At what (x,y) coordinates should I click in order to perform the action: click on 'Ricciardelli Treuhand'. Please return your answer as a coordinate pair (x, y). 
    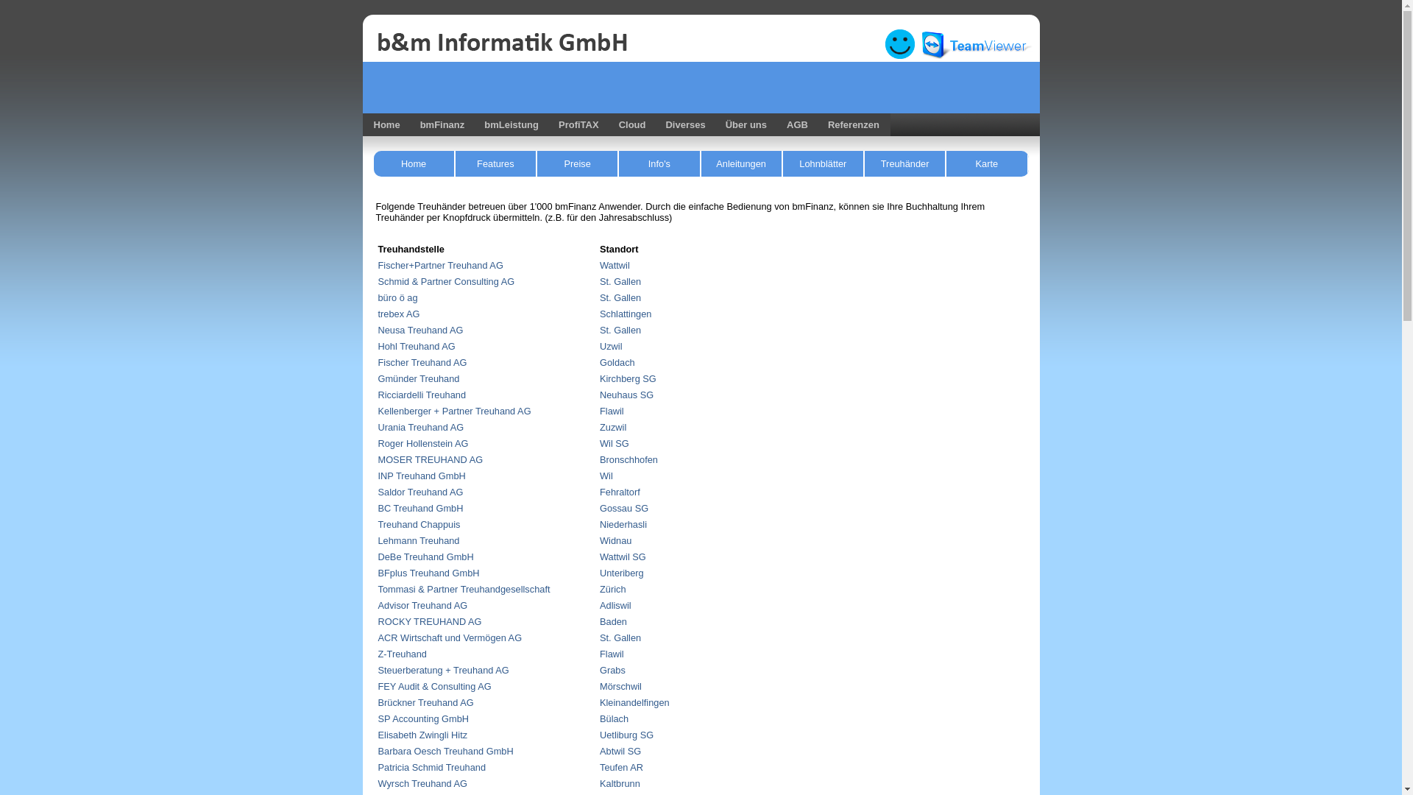
    Looking at the image, I should click on (422, 394).